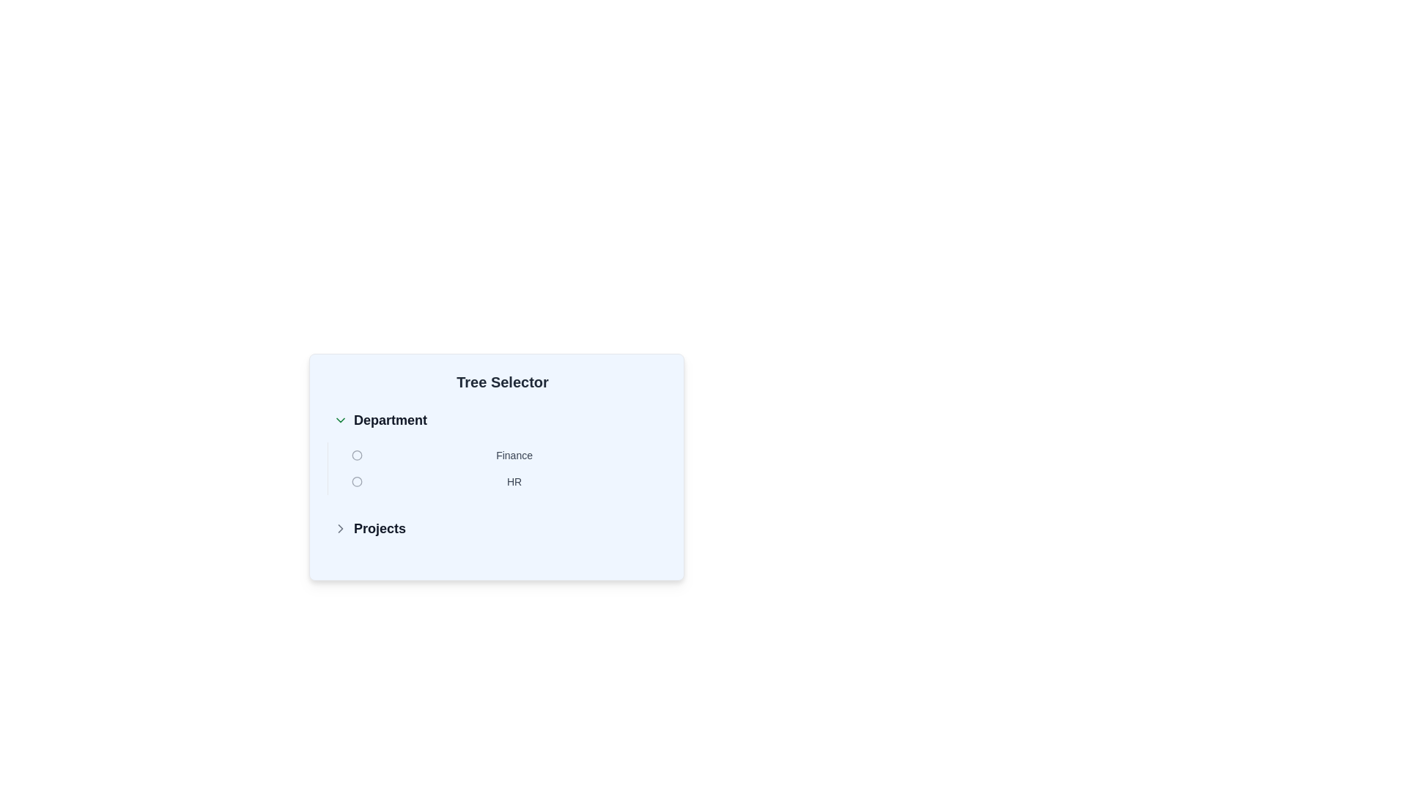 The width and height of the screenshot is (1407, 791). Describe the element at coordinates (506, 454) in the screenshot. I see `the 'Finance' category option in the selection menu` at that location.